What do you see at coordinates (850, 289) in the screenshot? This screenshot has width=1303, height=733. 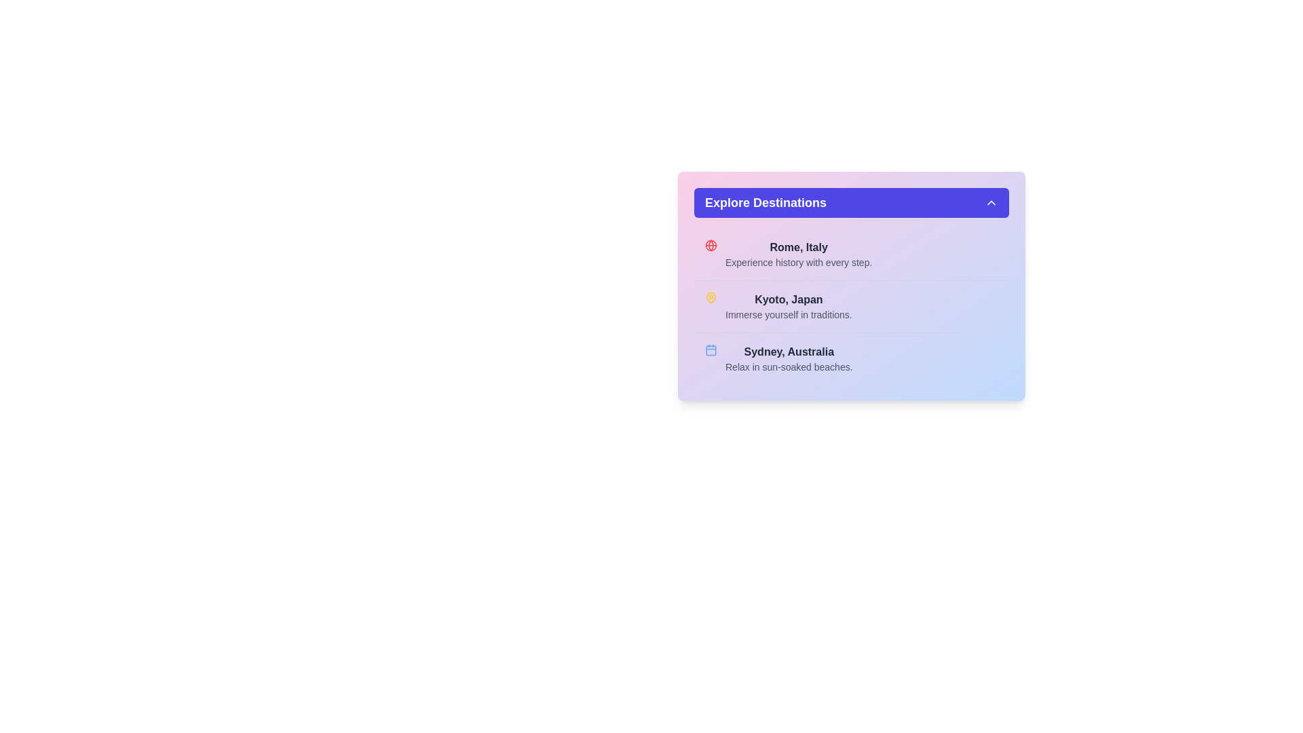 I see `the informational card displaying the city name 'Kyoto, Japan', which is the second item in the vertical layout of destinations` at bounding box center [850, 289].